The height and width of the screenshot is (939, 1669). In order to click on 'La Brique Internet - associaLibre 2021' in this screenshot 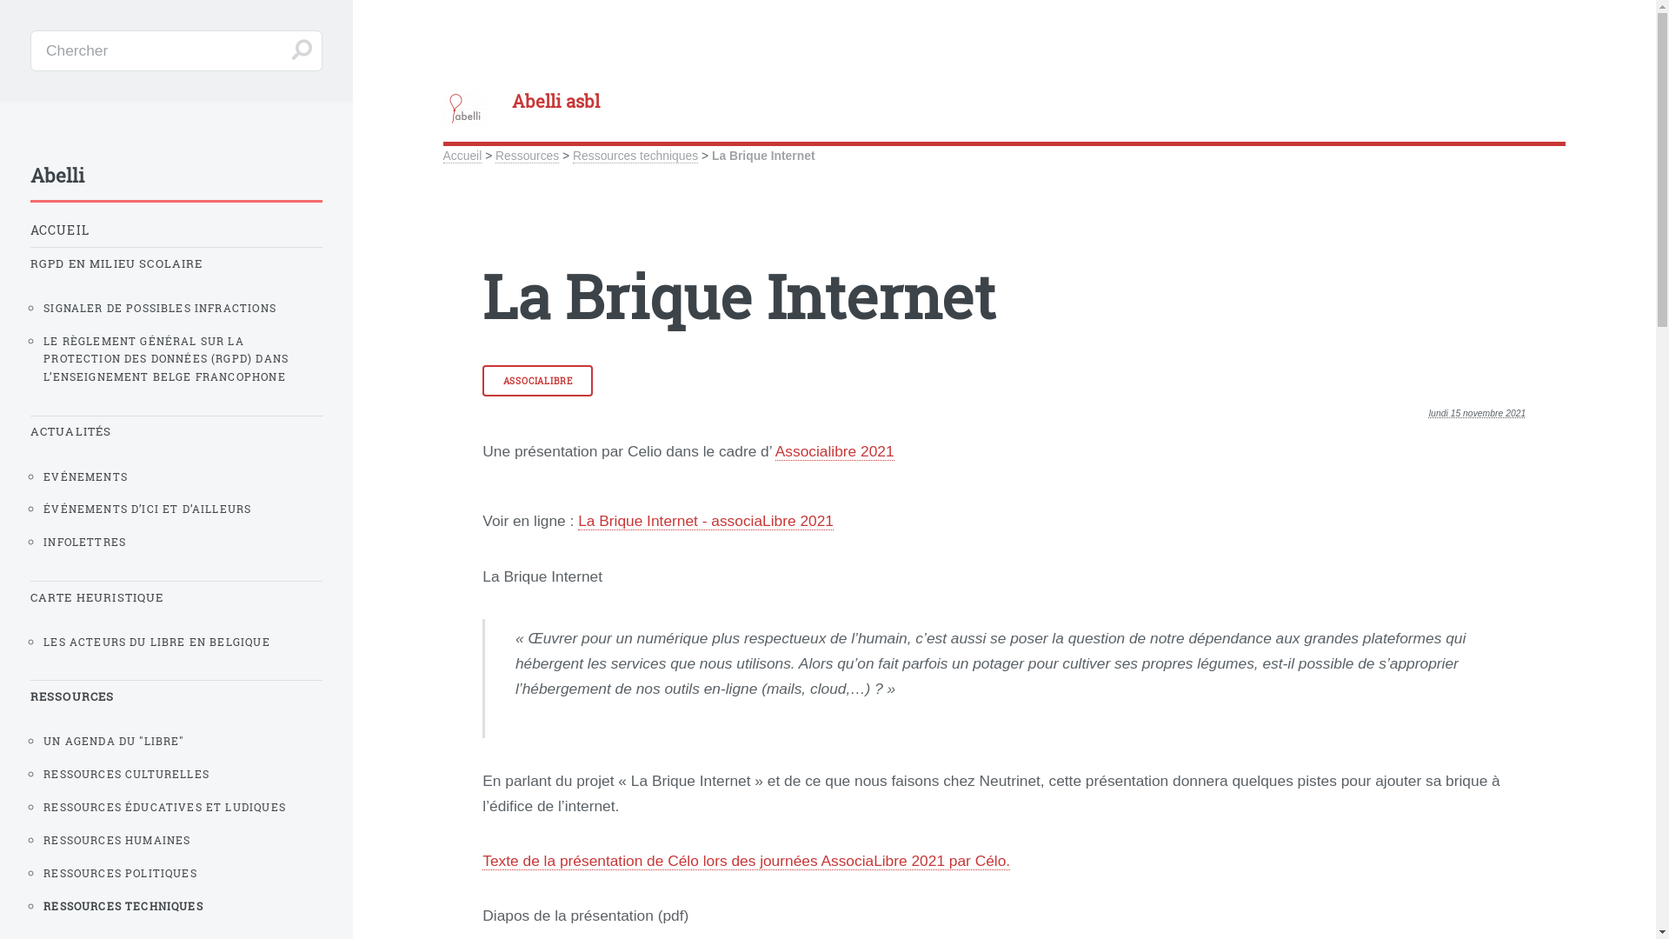, I will do `click(578, 520)`.